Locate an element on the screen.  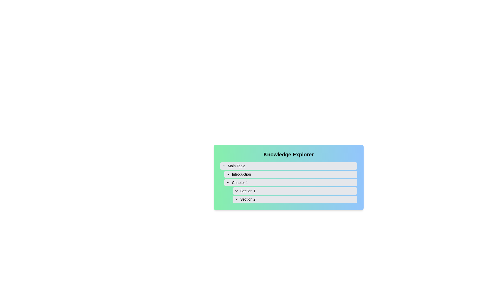
the downward-facing chevron icon located to the left of the text 'Section 2' for visual feedback is located at coordinates (236, 199).